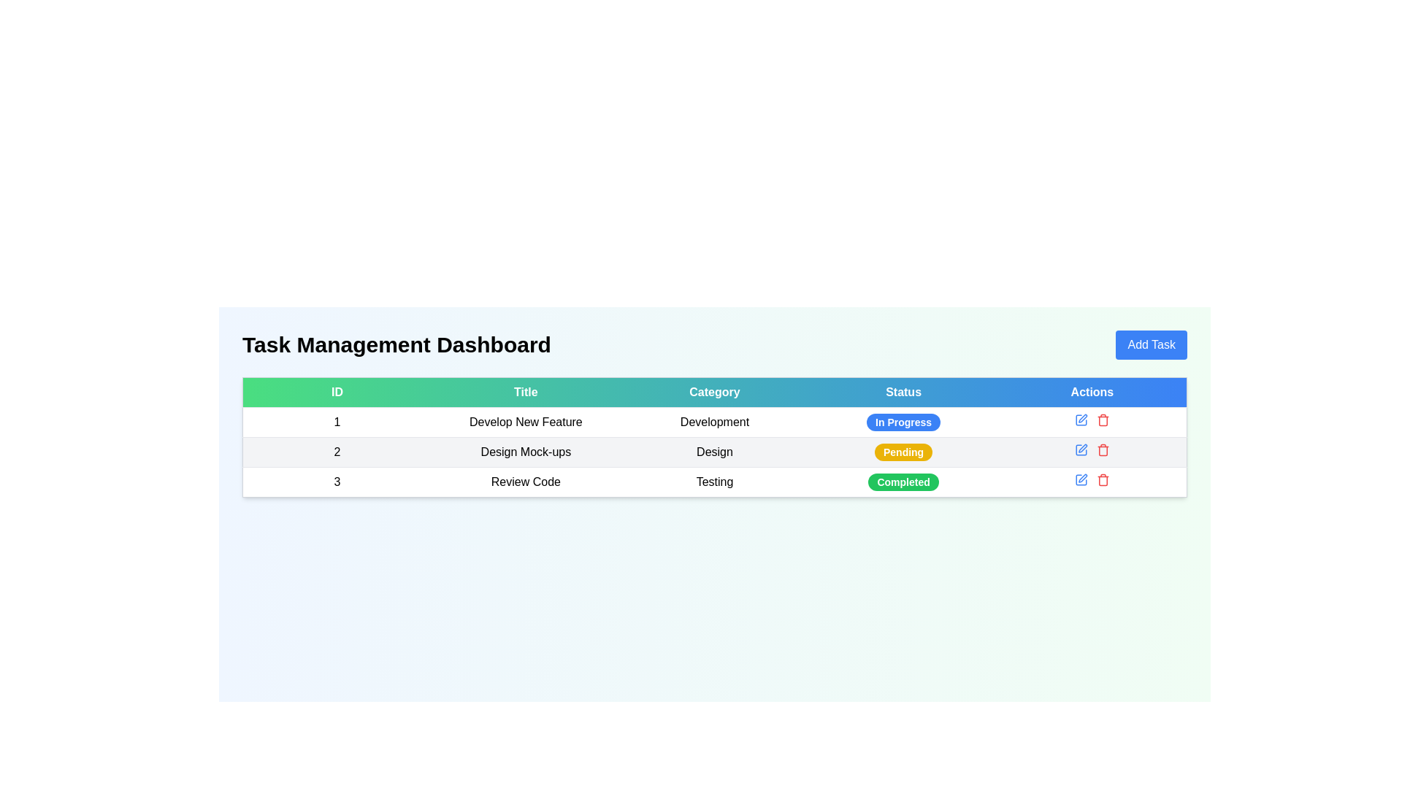 The width and height of the screenshot is (1402, 788). What do you see at coordinates (336, 391) in the screenshot?
I see `the text label displaying 'ID' with a green background gradient, located at the leftmost part of the header row above the table` at bounding box center [336, 391].